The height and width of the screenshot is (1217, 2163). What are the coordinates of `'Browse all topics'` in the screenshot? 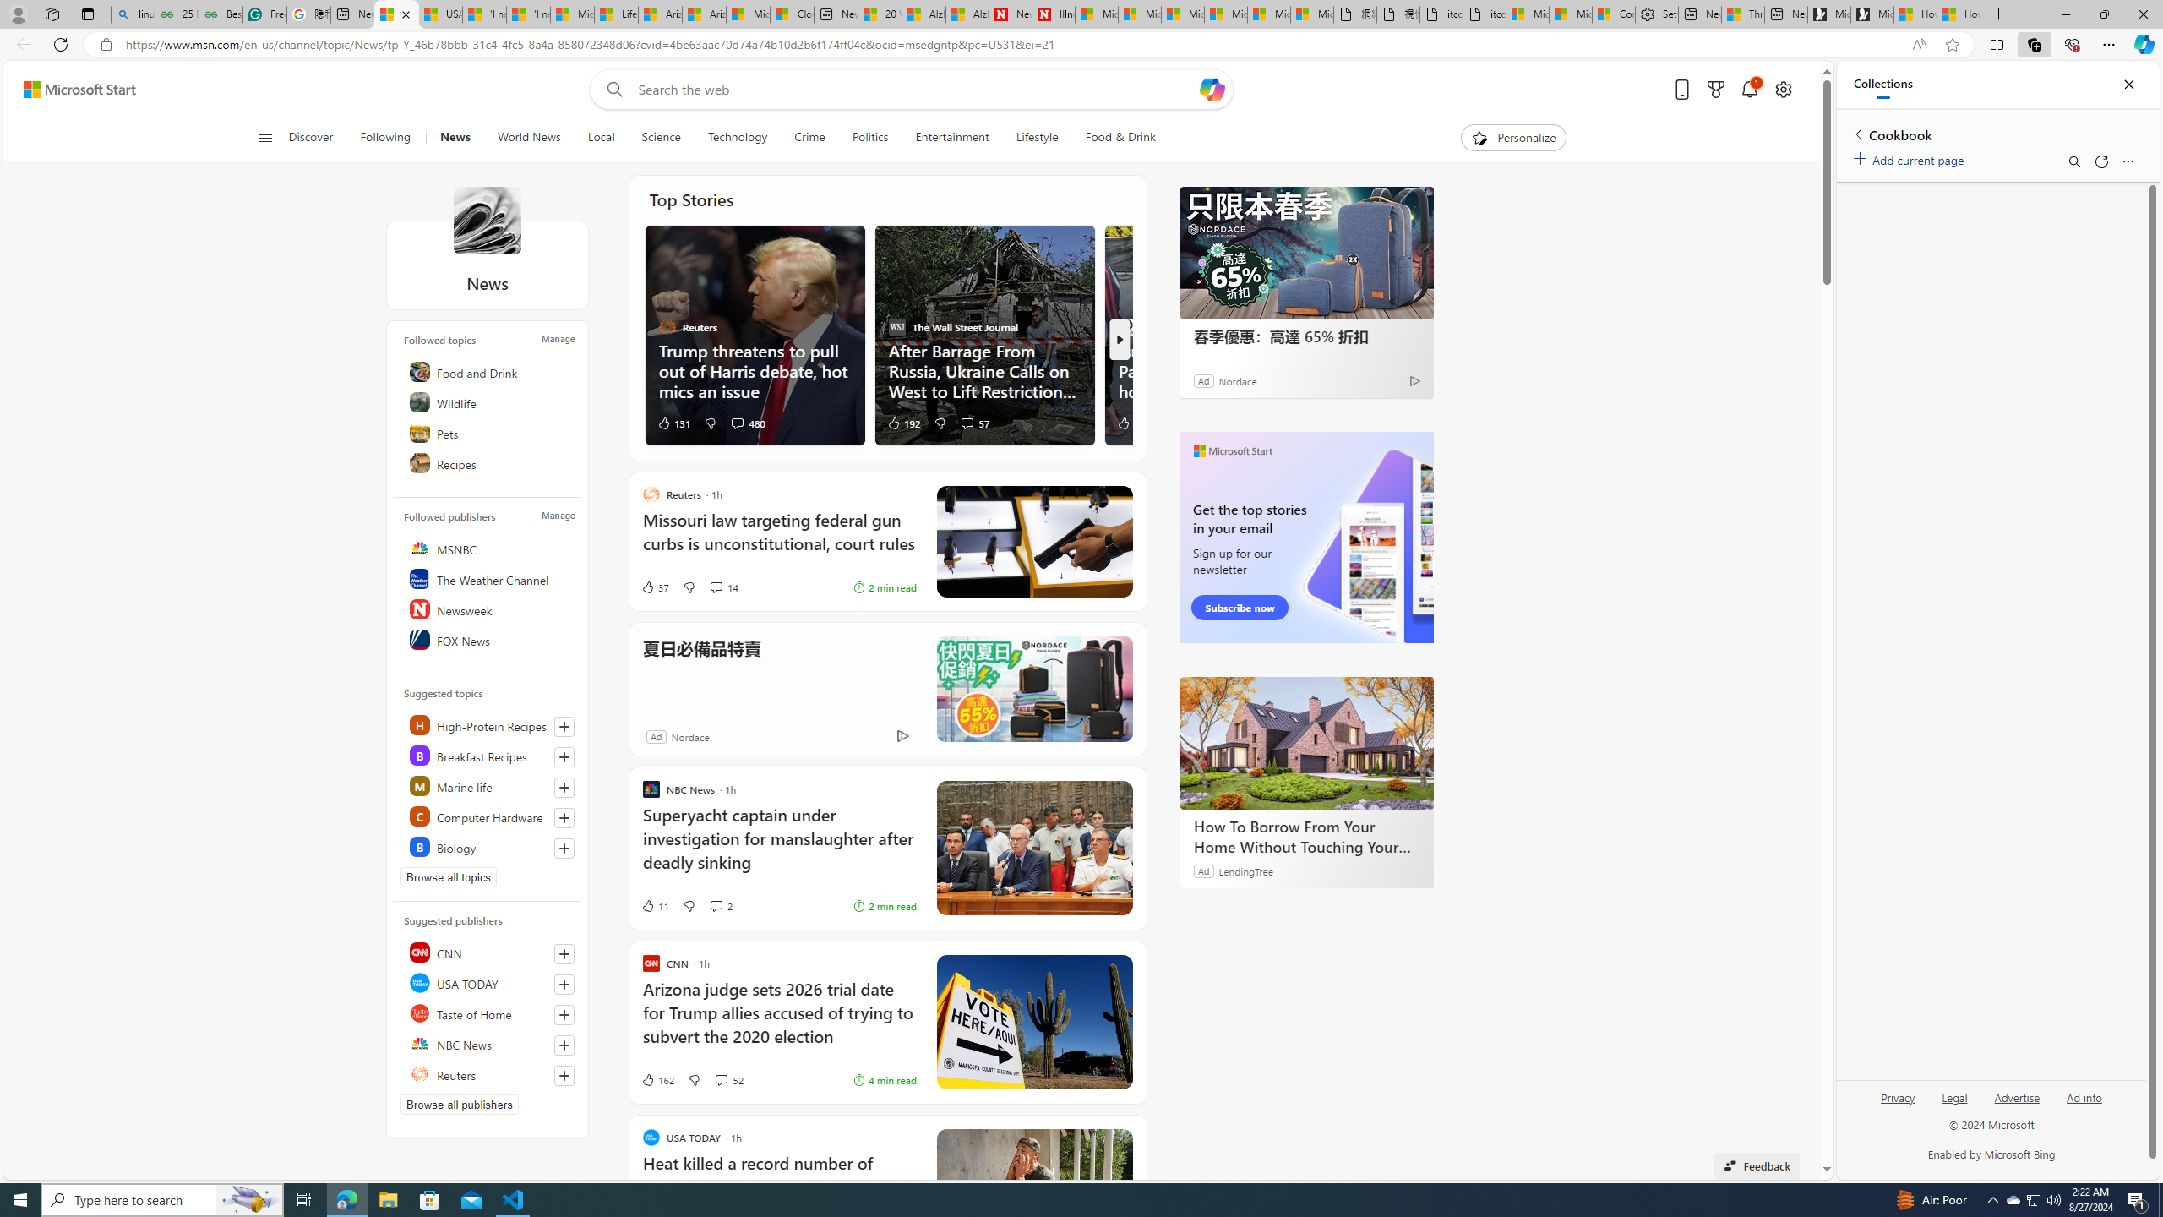 It's located at (448, 876).